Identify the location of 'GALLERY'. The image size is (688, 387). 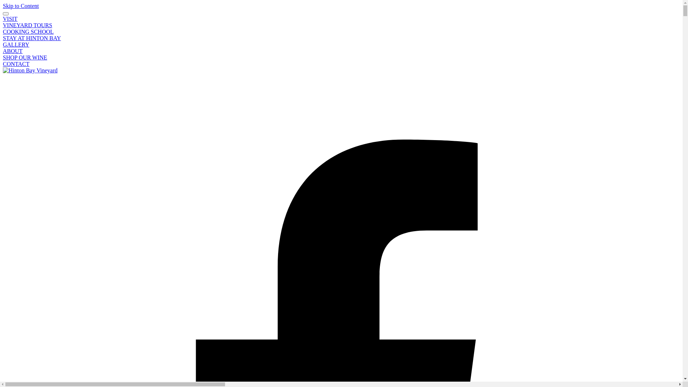
(16, 44).